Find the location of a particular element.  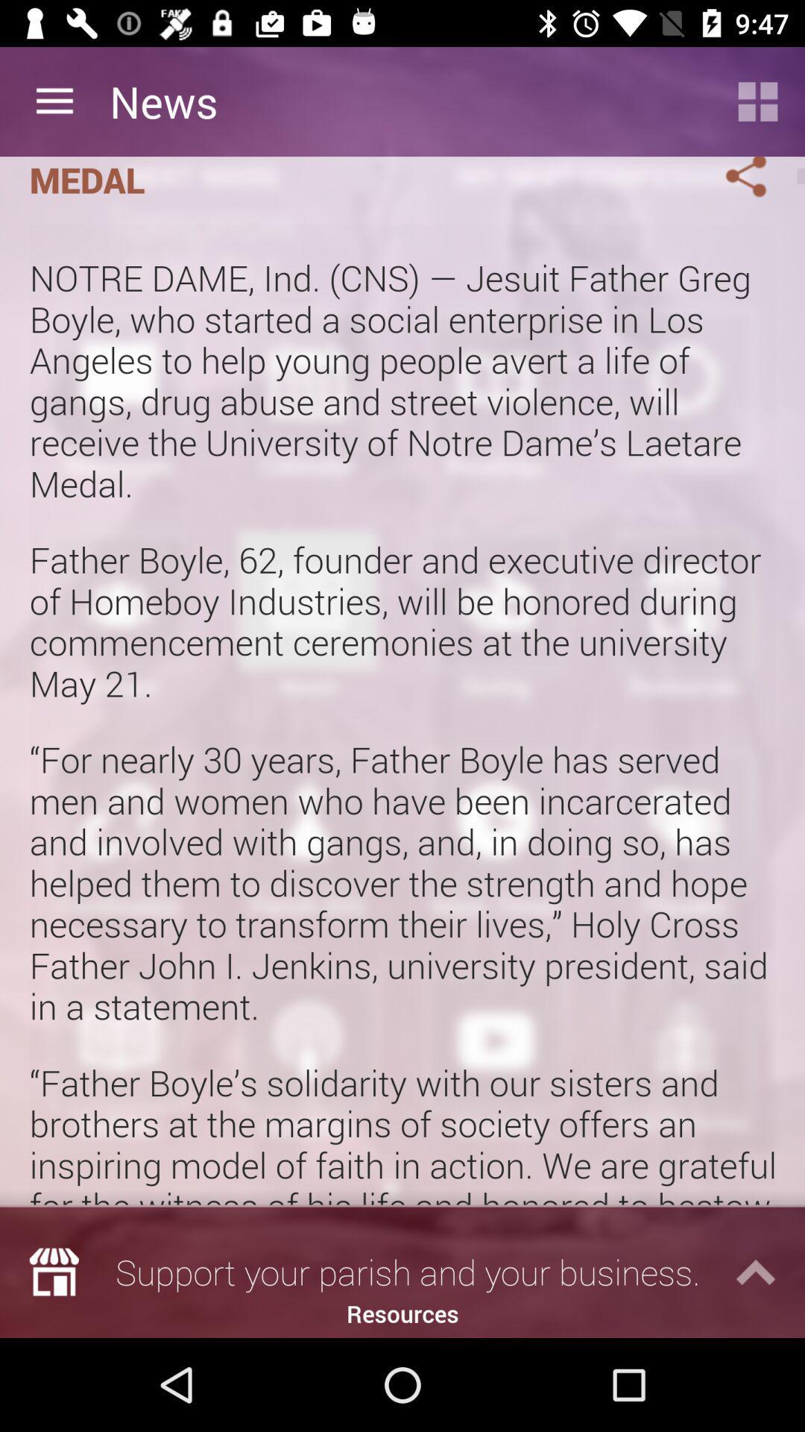

share this news is located at coordinates (727, 180).